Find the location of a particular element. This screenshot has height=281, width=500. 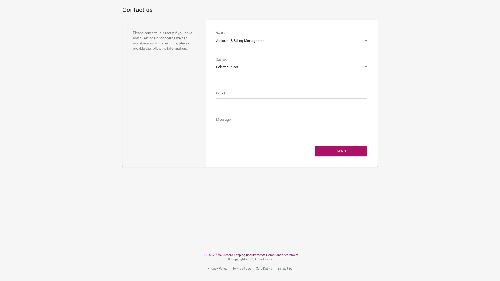

Select subject Select subject is located at coordinates (291, 67).